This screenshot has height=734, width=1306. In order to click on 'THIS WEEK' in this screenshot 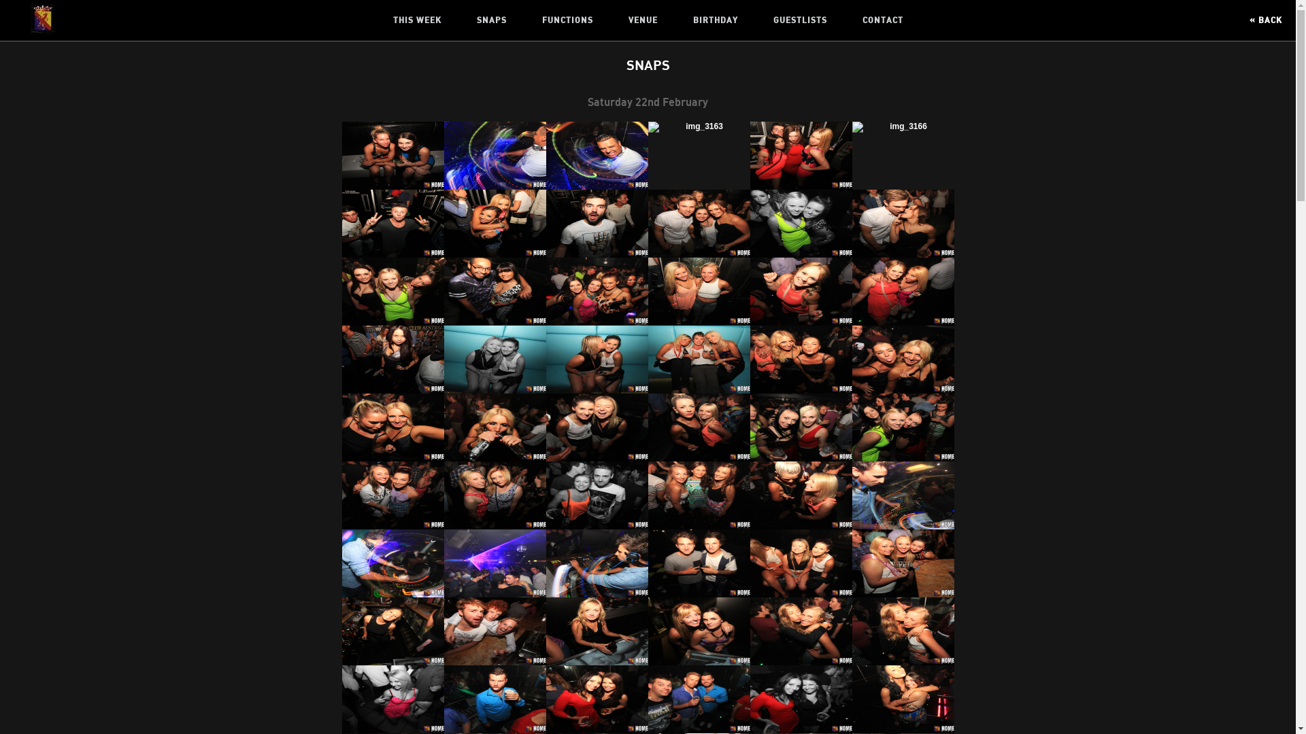, I will do `click(416, 20)`.